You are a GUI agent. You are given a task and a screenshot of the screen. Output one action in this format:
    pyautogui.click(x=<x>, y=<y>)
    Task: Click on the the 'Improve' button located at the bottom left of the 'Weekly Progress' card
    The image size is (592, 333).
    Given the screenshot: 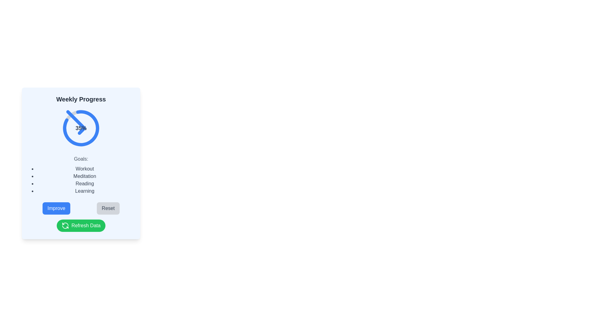 What is the action you would take?
    pyautogui.click(x=56, y=208)
    